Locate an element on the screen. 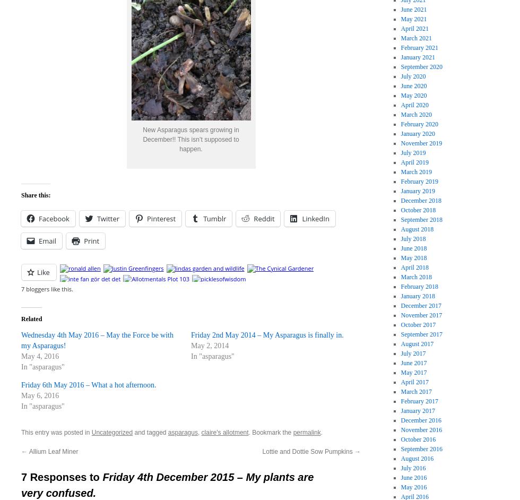 Image resolution: width=520 pixels, height=500 pixels. ',' is located at coordinates (199, 431).